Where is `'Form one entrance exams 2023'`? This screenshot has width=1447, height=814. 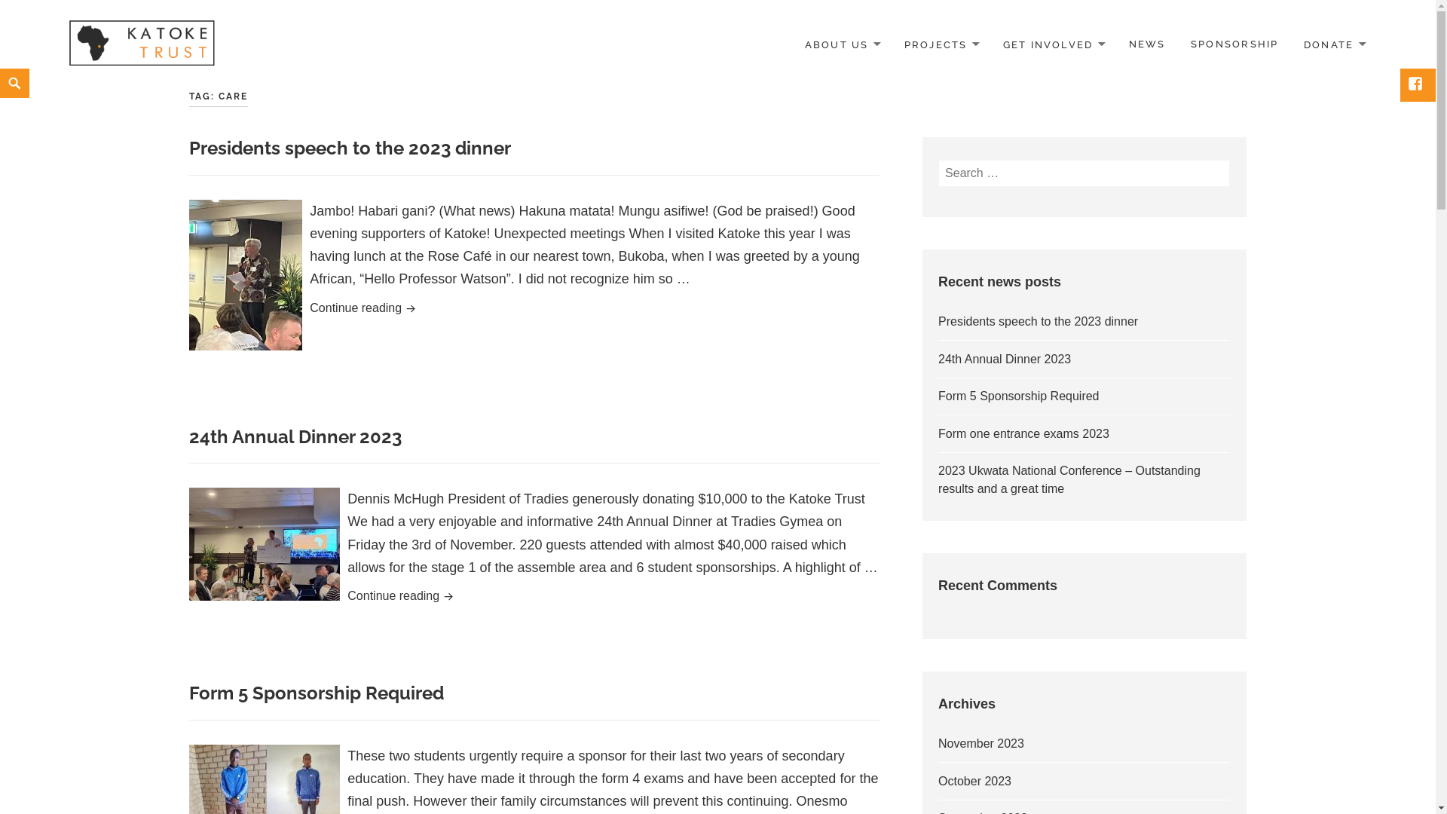
'Form one entrance exams 2023' is located at coordinates (1023, 433).